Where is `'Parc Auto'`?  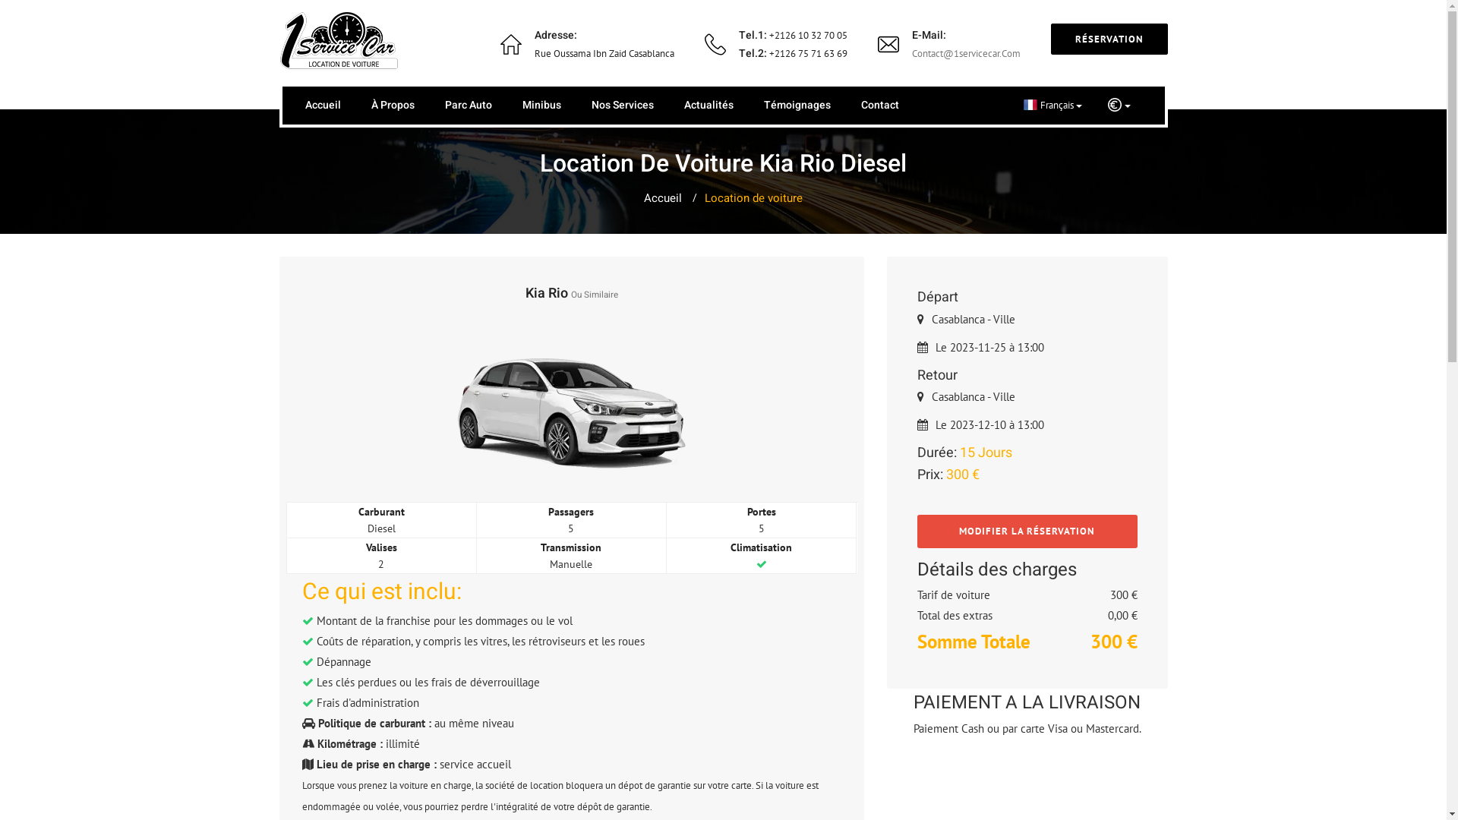
'Parc Auto' is located at coordinates (468, 104).